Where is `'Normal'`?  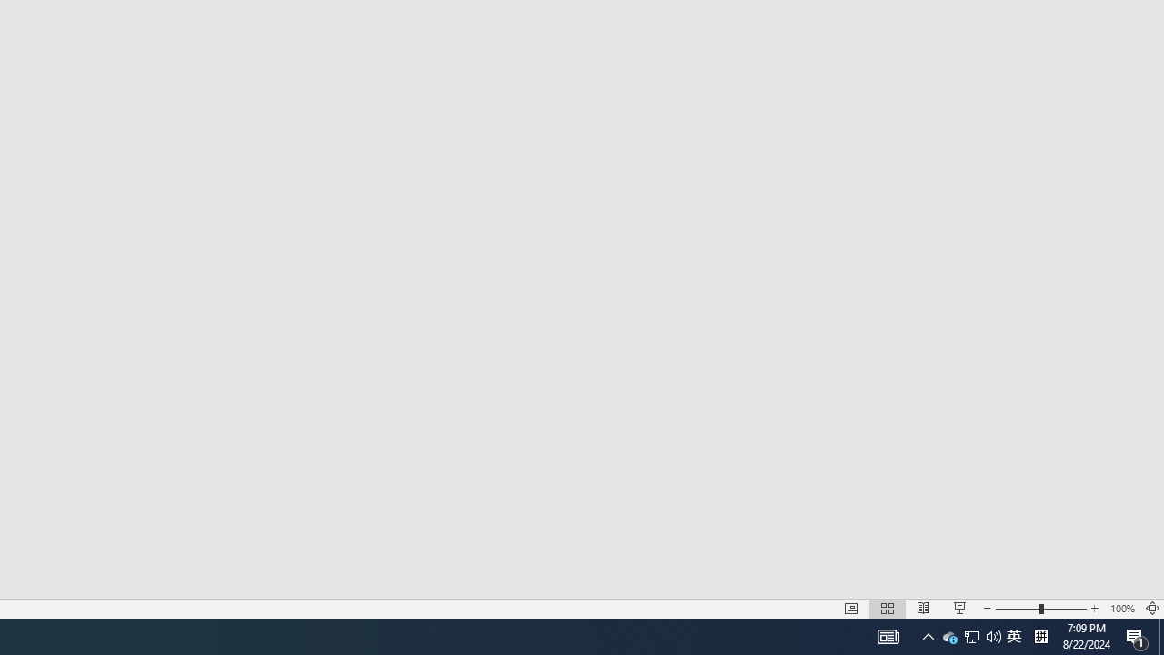
'Normal' is located at coordinates (850, 609).